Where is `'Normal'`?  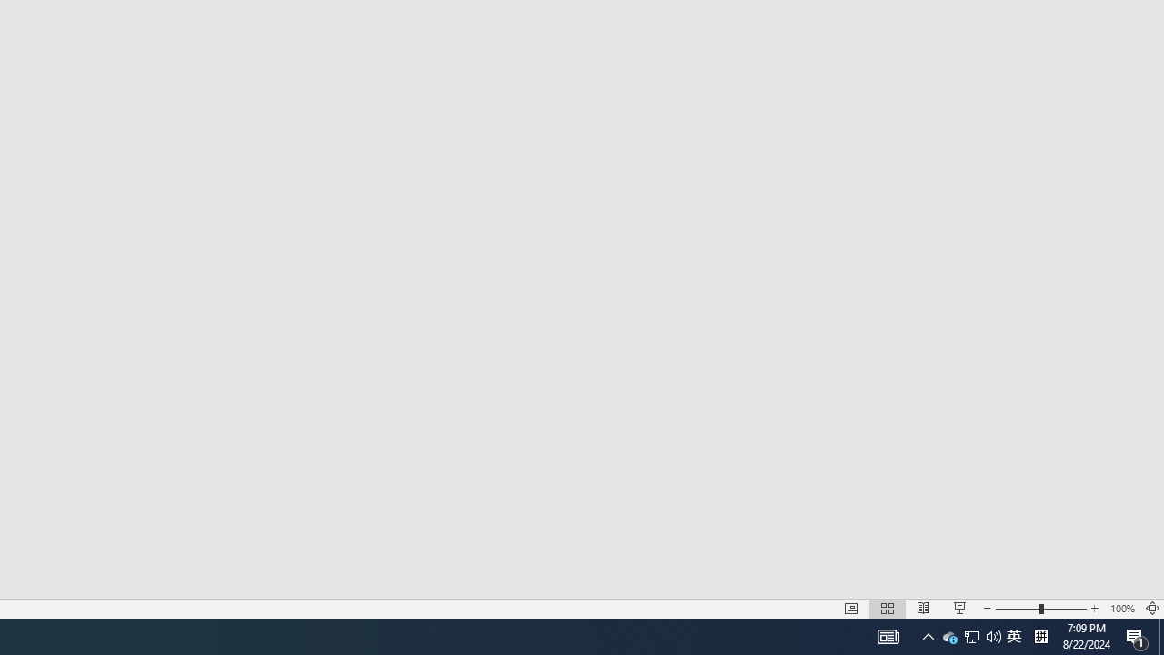
'Normal' is located at coordinates (850, 609).